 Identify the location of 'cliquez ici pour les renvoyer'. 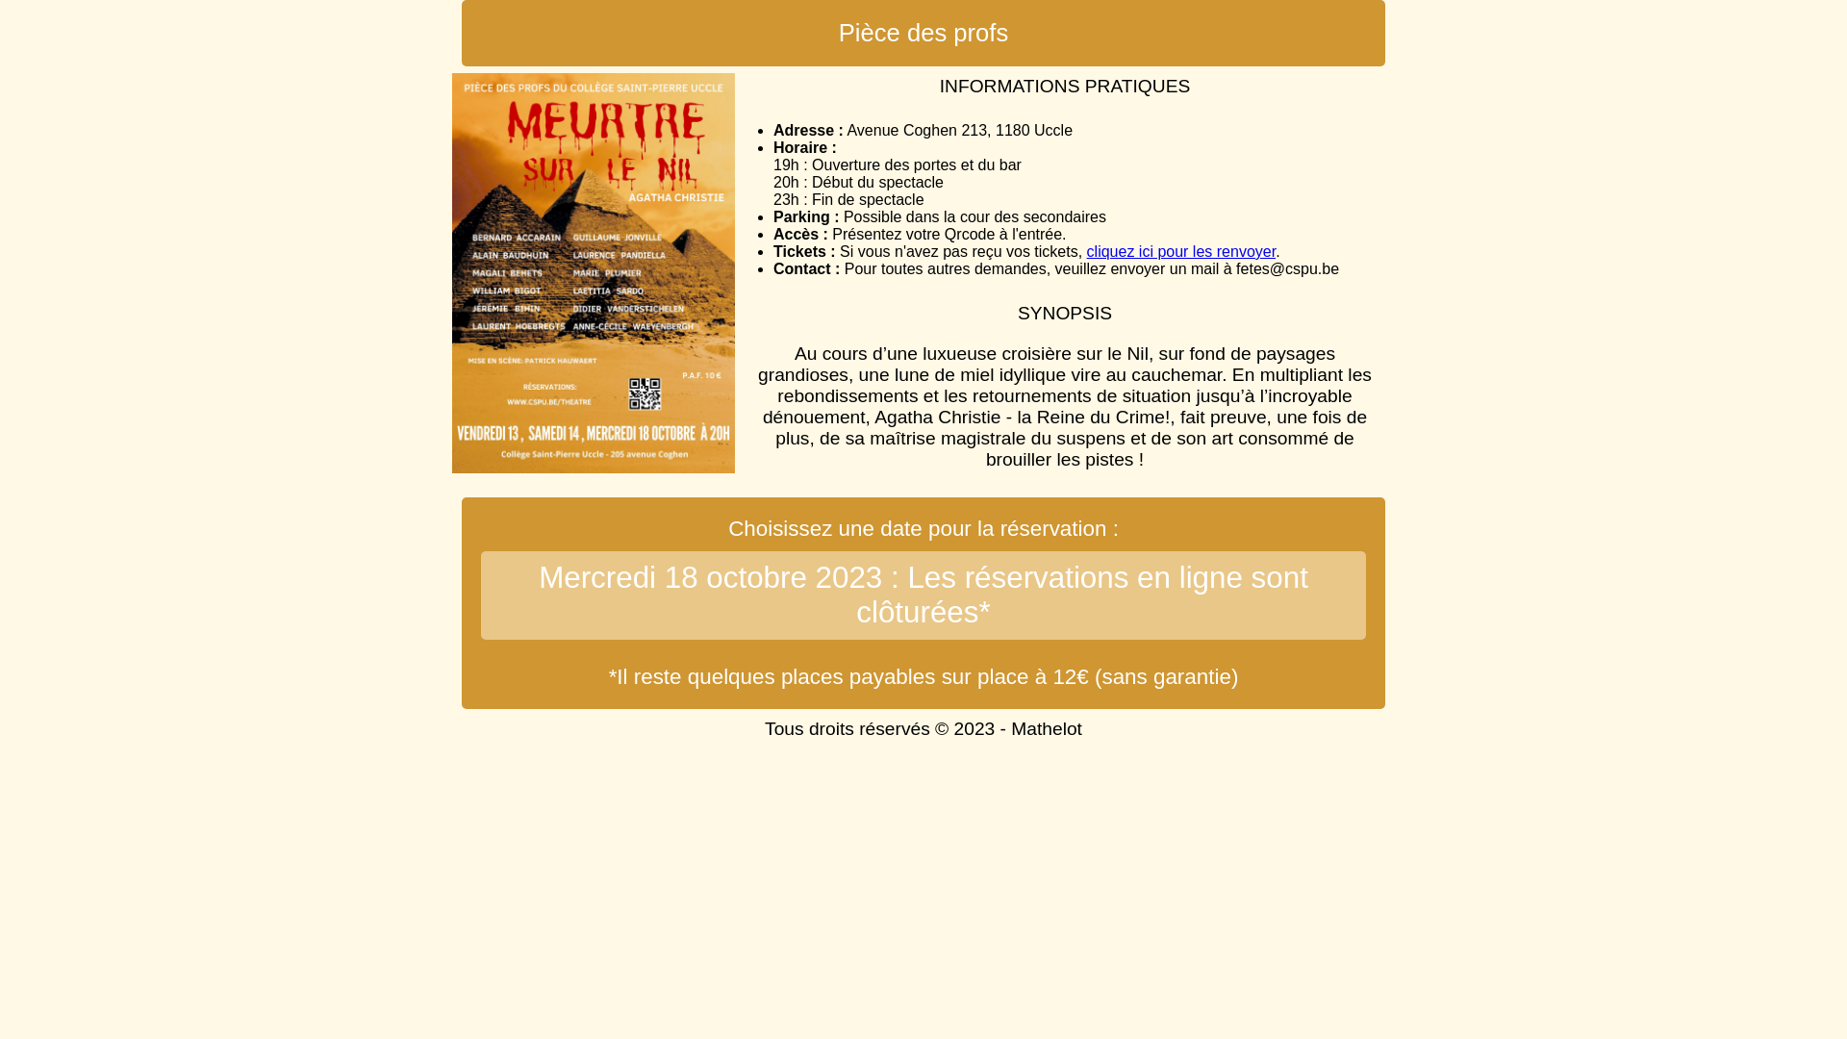
(1180, 250).